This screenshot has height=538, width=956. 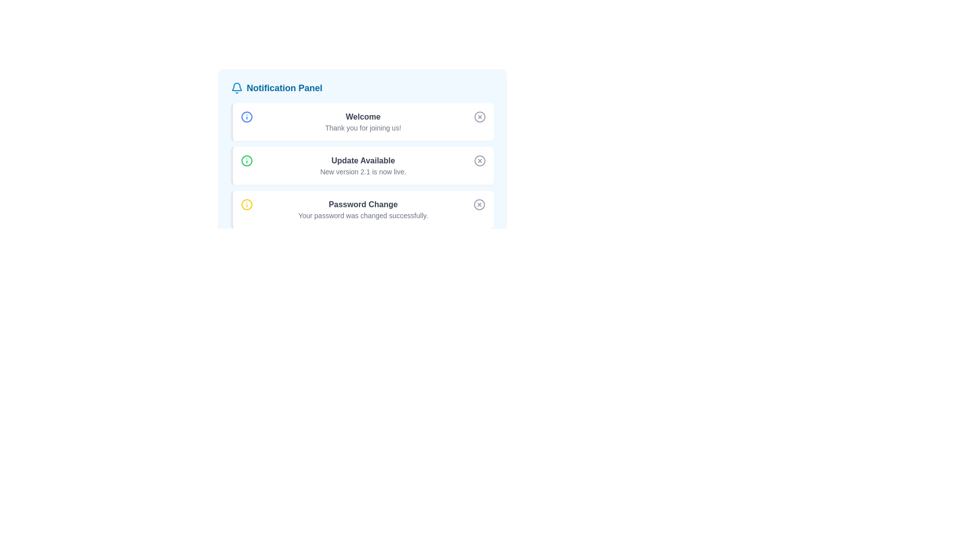 I want to click on the circular notification icon, which is the second icon in a vertical sequence of three notifications, so click(x=246, y=160).